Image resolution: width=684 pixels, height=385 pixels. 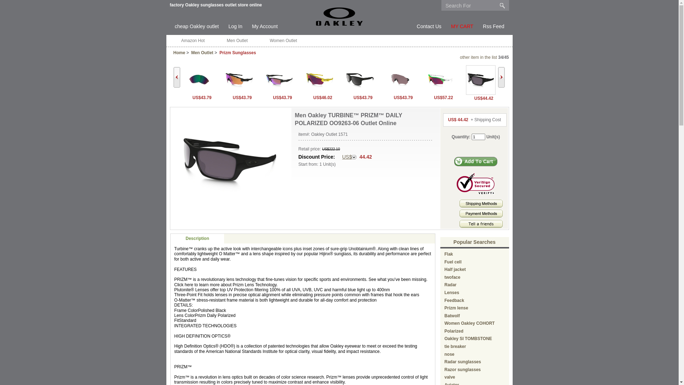 I want to click on 'Oakley SI TOMBSTONE', so click(x=444, y=338).